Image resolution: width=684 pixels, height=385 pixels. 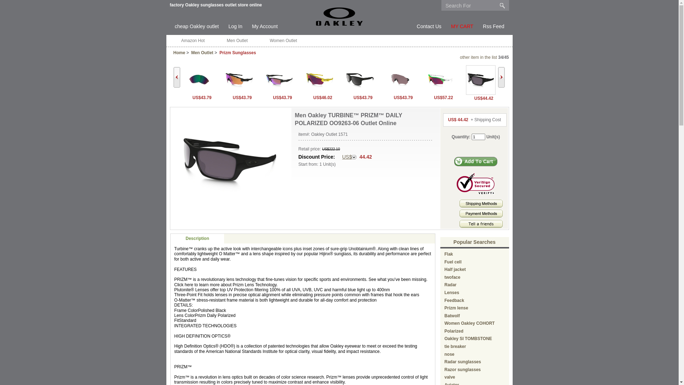 I want to click on 'Oakley SI TOMBSTONE', so click(x=444, y=338).